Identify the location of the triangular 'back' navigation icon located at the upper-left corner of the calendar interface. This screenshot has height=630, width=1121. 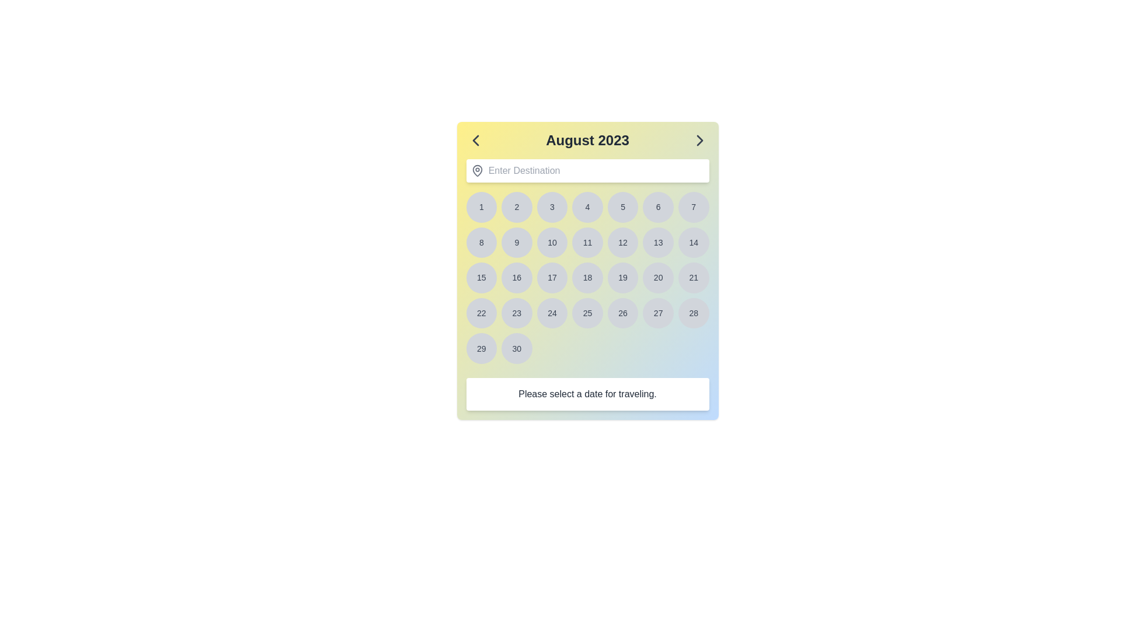
(475, 139).